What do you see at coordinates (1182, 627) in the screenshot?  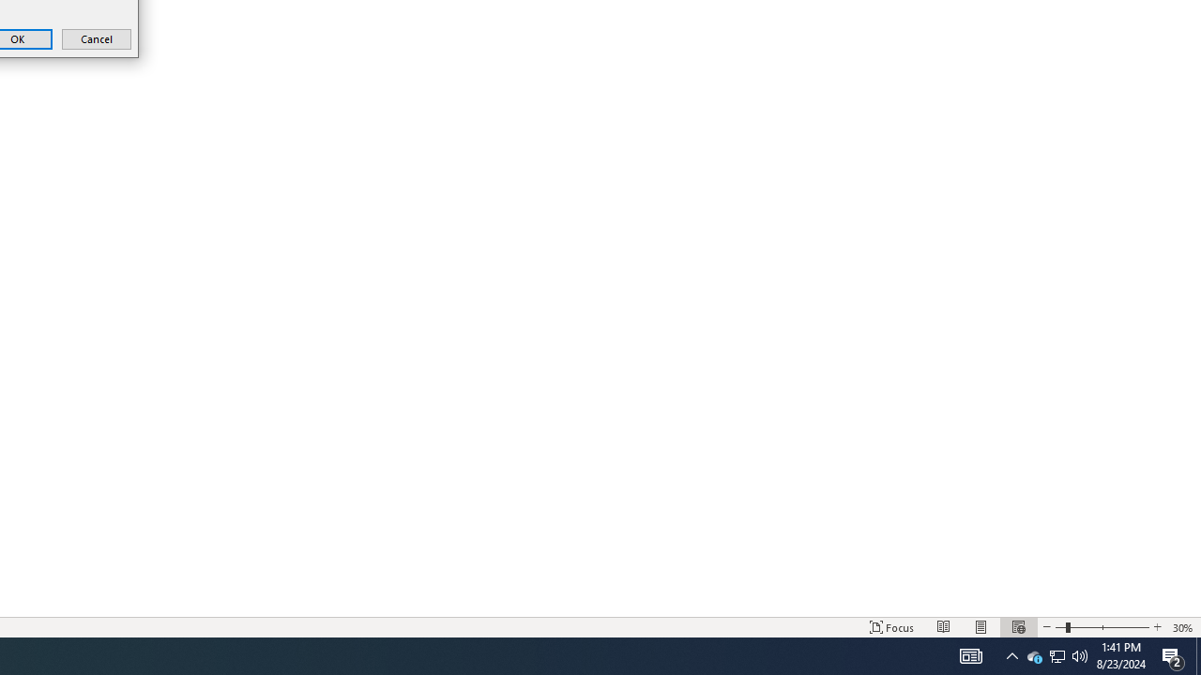 I see `'Zoom 30%'` at bounding box center [1182, 627].